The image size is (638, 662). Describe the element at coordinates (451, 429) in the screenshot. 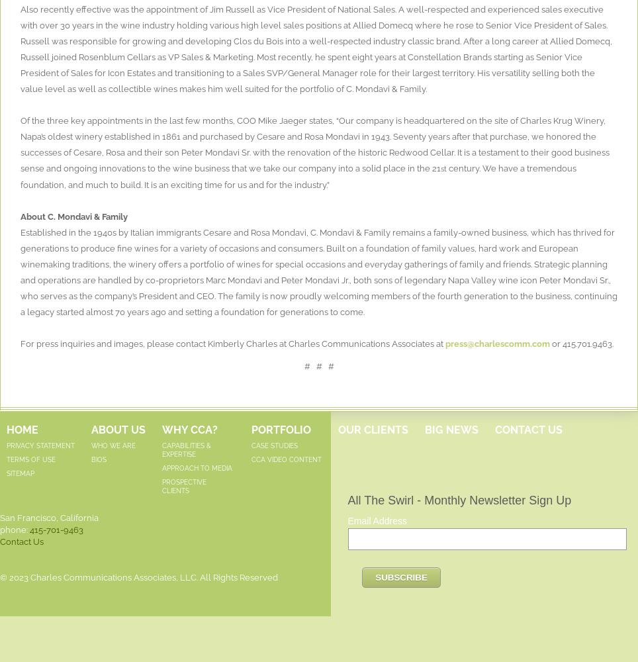

I see `'Big News'` at that location.